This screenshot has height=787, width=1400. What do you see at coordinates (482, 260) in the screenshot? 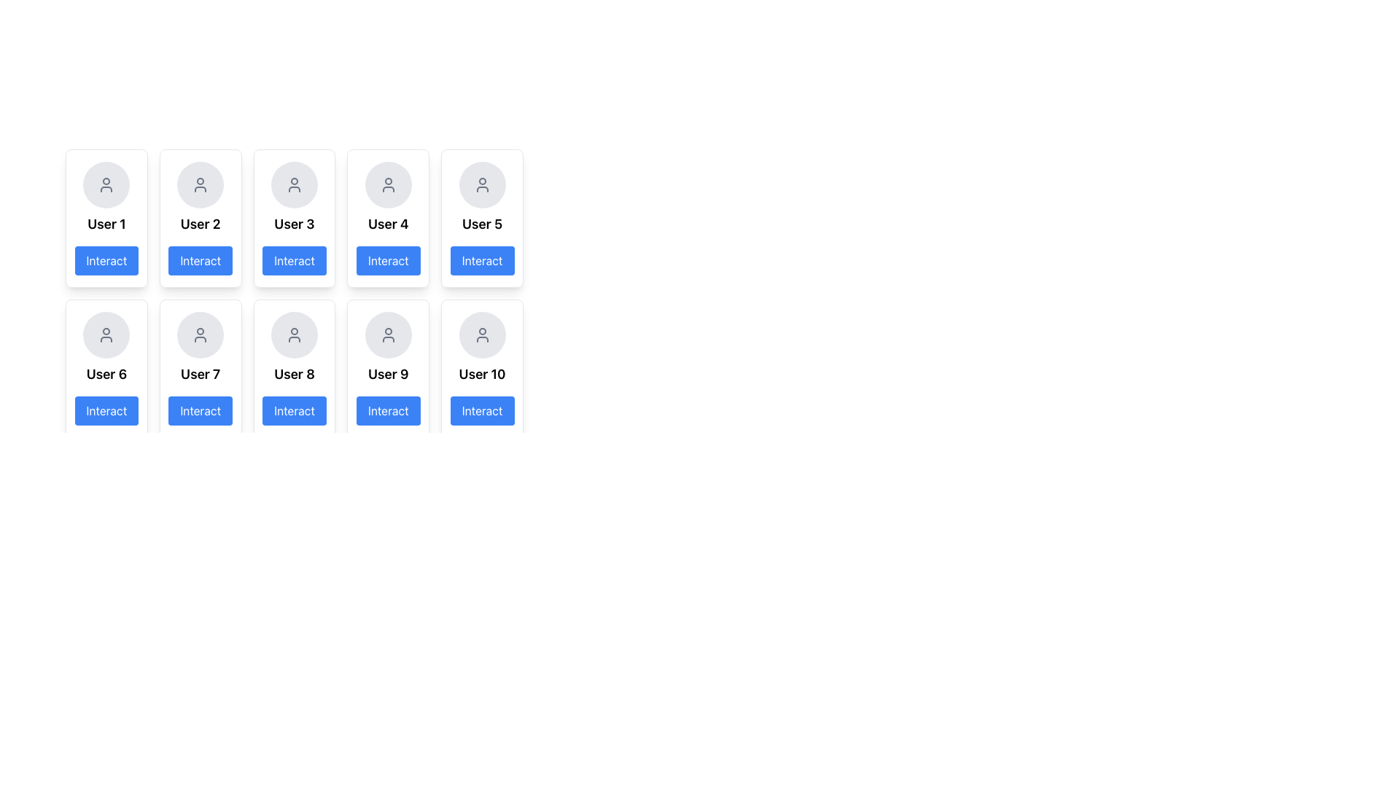
I see `the blue rectangular button labeled 'Interact' located within the card labeled 'User 5' in the lower part of the card` at bounding box center [482, 260].